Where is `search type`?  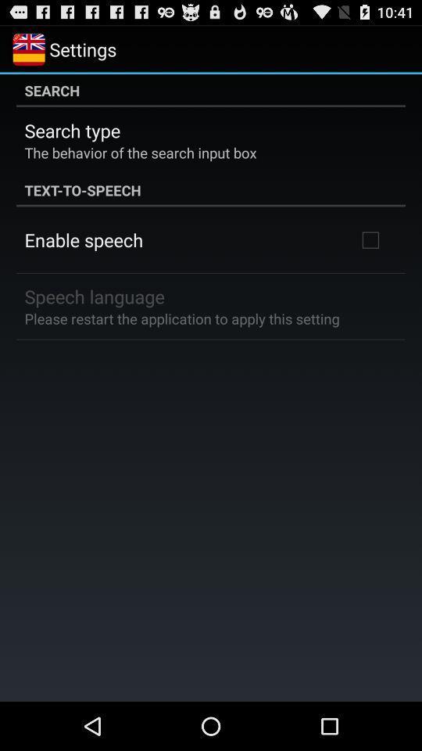
search type is located at coordinates (71, 129).